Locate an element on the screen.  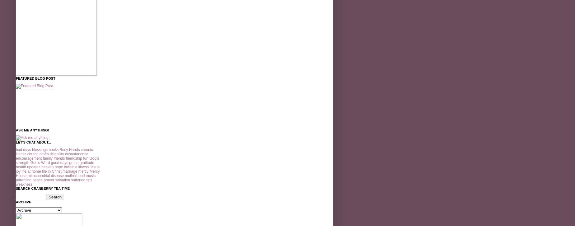
'encouragement' is located at coordinates (16, 158).